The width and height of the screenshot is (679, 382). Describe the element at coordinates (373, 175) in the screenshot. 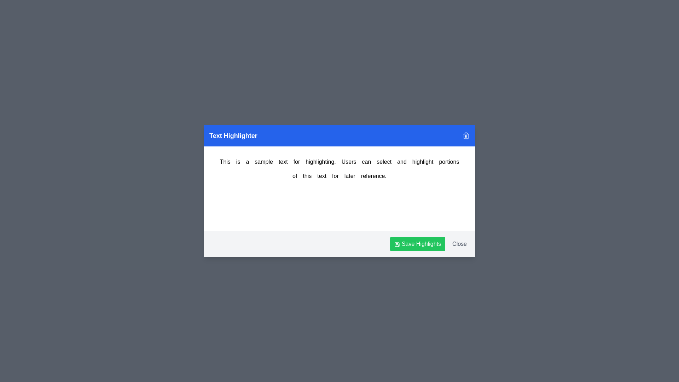

I see `the word 'reference.' by clicking on it` at that location.